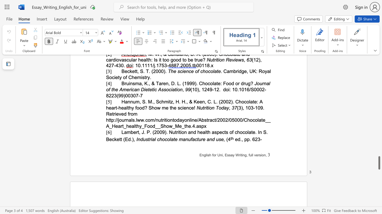 Image resolution: width=382 pixels, height=214 pixels. What do you see at coordinates (379, 116) in the screenshot?
I see `the right-hand scrollbar to ascend the page` at bounding box center [379, 116].